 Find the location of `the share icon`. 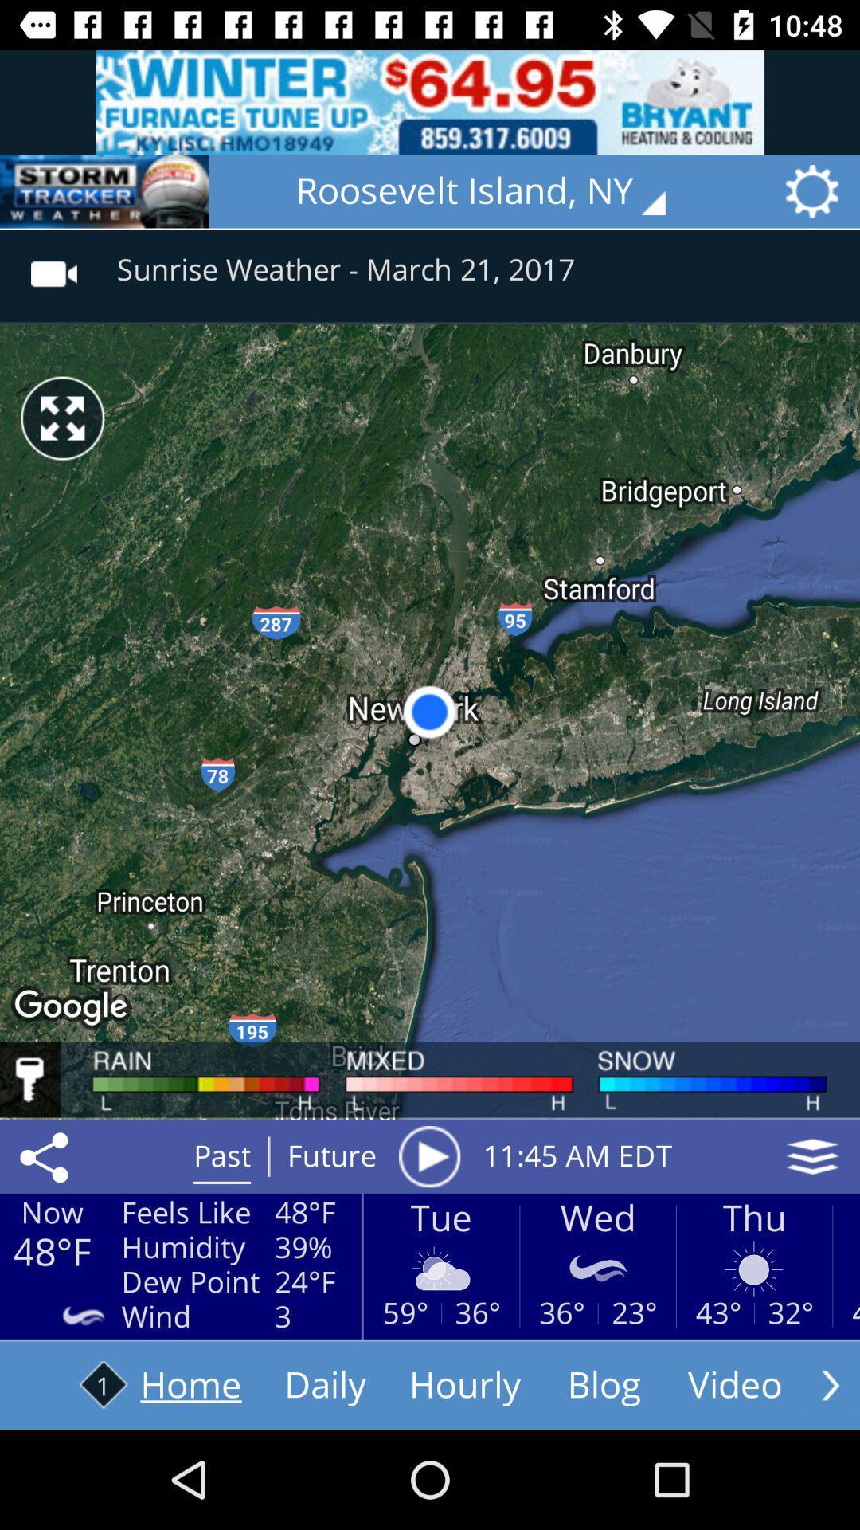

the share icon is located at coordinates (46, 1156).